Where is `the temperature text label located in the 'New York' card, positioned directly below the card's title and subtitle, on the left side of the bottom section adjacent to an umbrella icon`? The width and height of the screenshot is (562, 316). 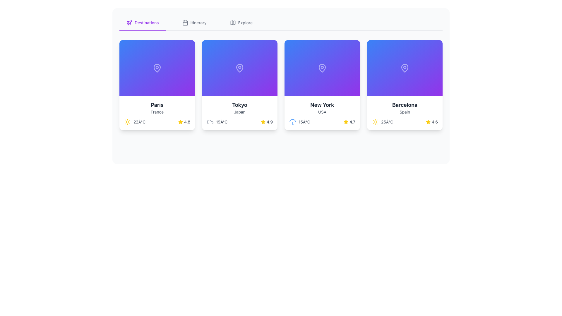 the temperature text label located in the 'New York' card, positioned directly below the card's title and subtitle, on the left side of the bottom section adjacent to an umbrella icon is located at coordinates (299, 121).